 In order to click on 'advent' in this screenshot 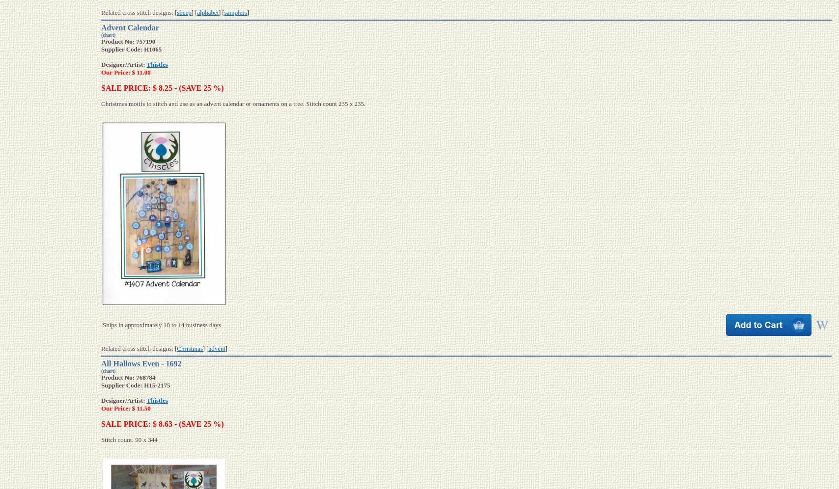, I will do `click(217, 348)`.